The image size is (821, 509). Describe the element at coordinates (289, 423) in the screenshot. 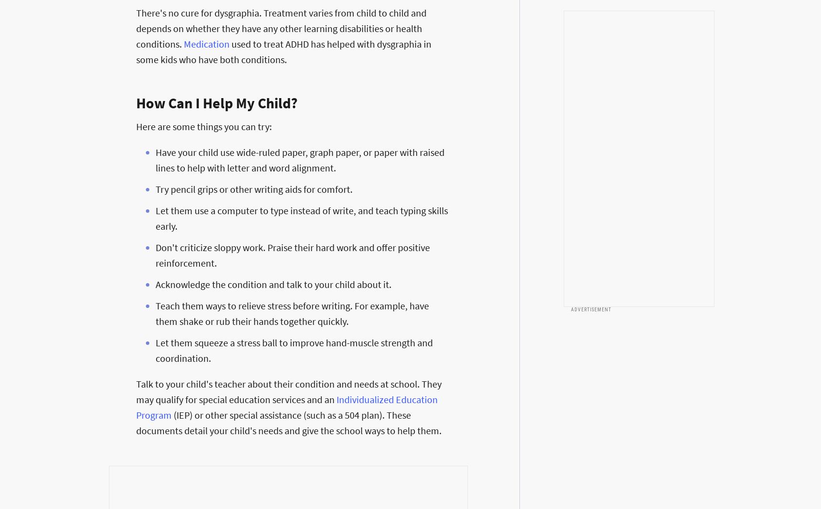

I see `'(IEP) or other special assistance (such as a 504 plan). These documents detail your child's needs and give the school ways to help them.'` at that location.